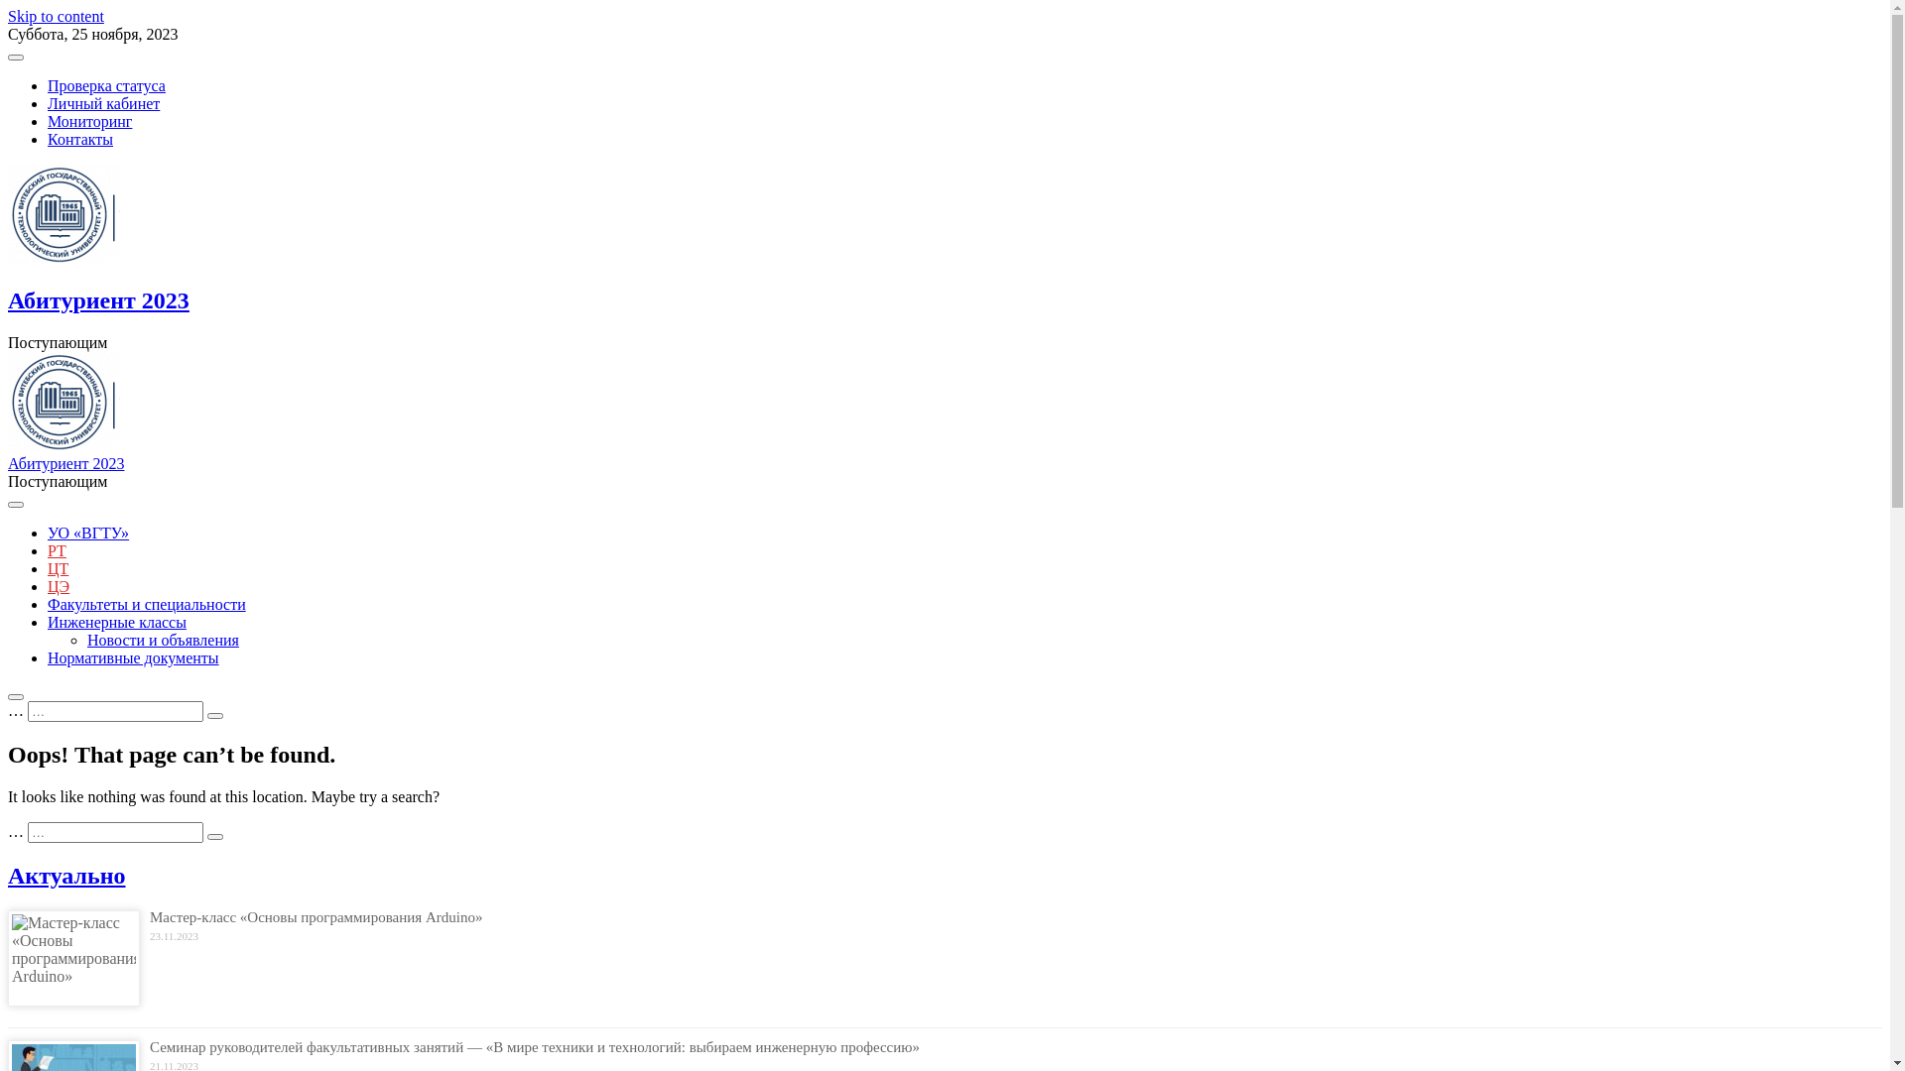 The height and width of the screenshot is (1071, 1905). Describe the element at coordinates (56, 16) in the screenshot. I see `'Skip to content'` at that location.